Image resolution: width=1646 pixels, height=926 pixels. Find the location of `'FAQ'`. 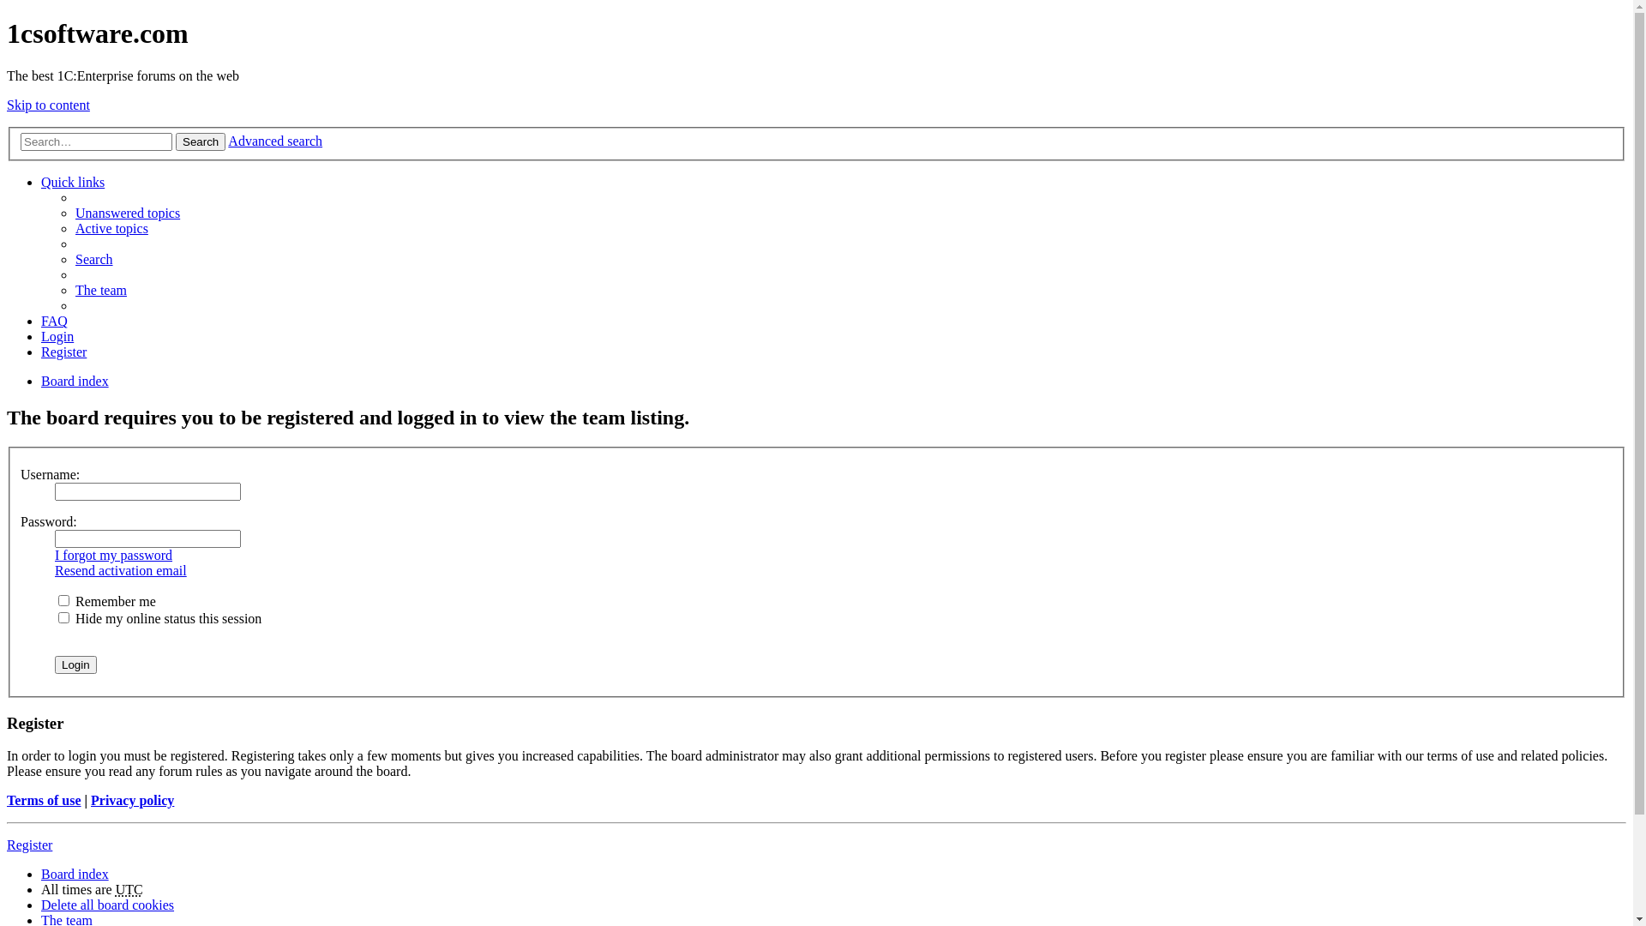

'FAQ' is located at coordinates (54, 321).